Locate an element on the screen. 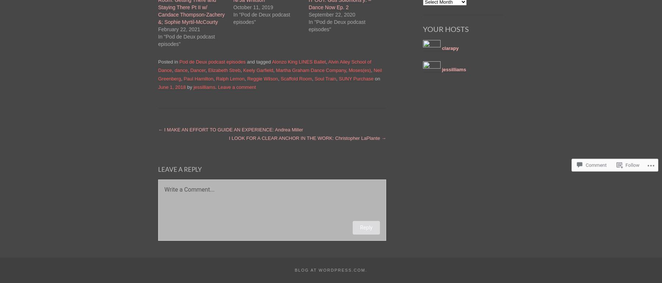 The width and height of the screenshot is (662, 283). 'Reggie Wilson' is located at coordinates (262, 78).